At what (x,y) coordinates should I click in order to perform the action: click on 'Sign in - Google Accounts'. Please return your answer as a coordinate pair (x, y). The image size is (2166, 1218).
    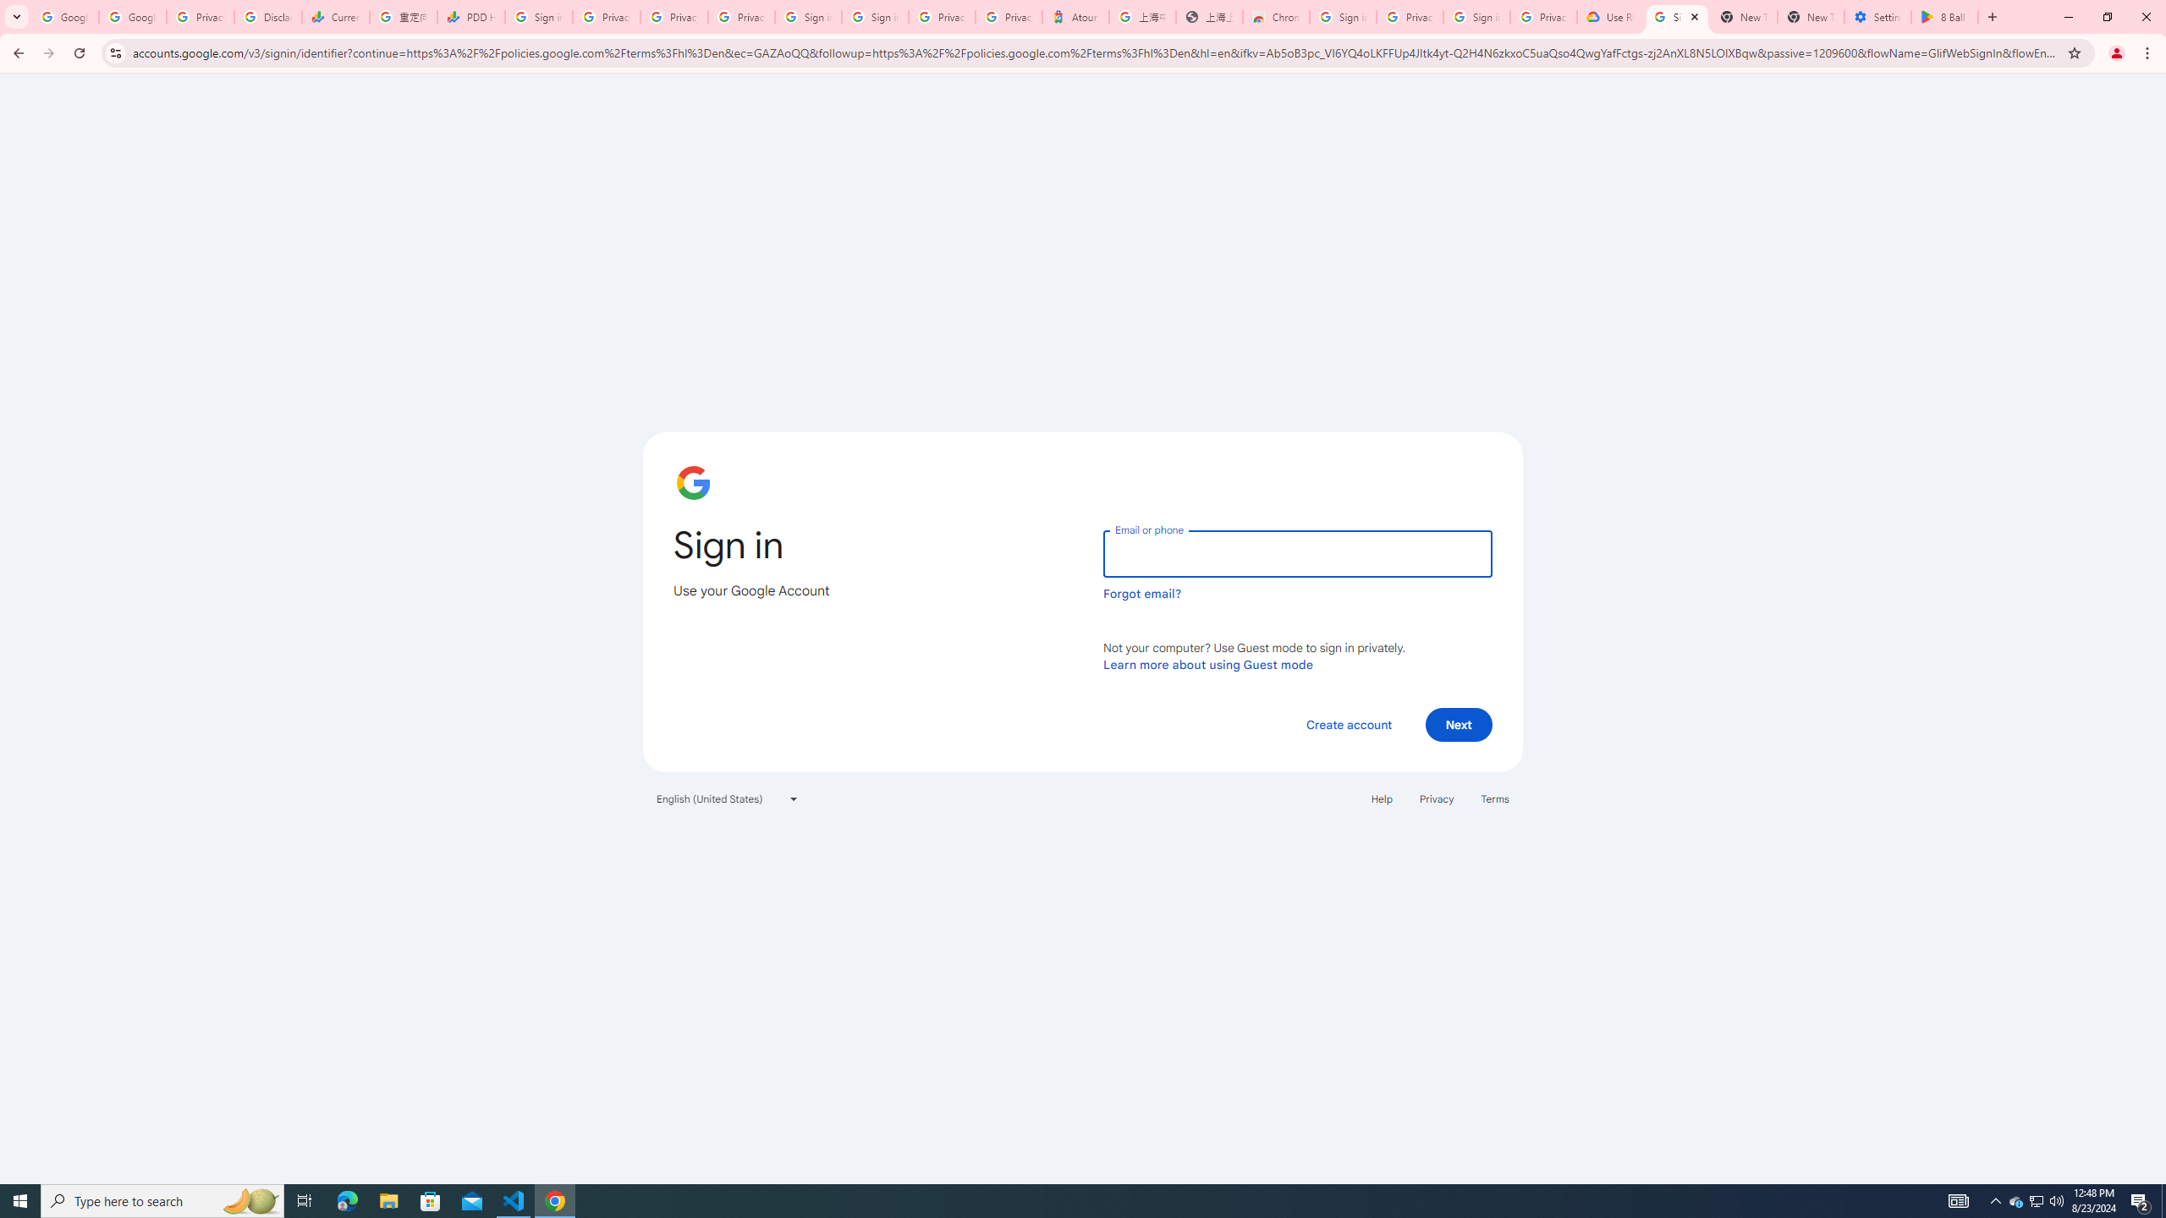
    Looking at the image, I should click on (806, 16).